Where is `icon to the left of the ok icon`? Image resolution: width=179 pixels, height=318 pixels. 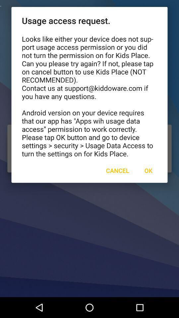
icon to the left of the ok icon is located at coordinates (117, 170).